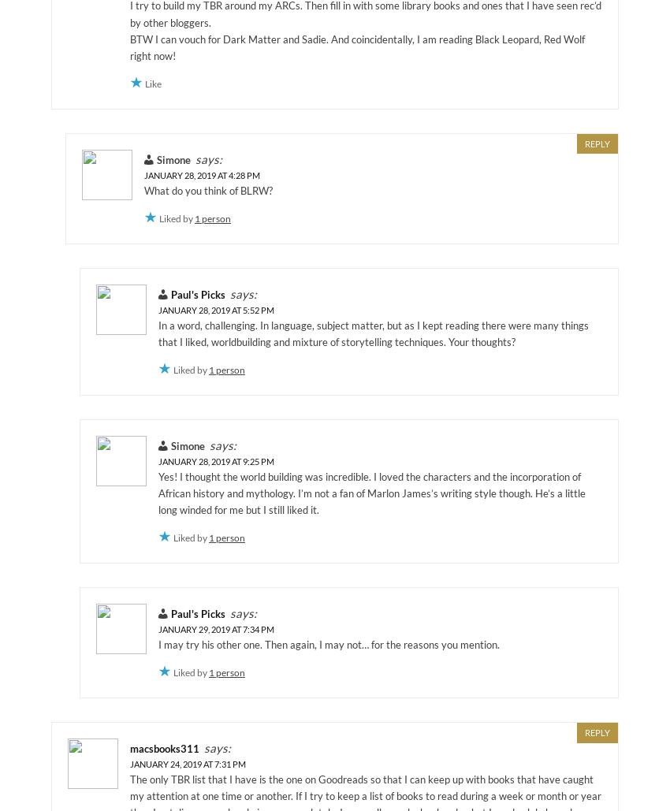  I want to click on 'In a word, challenging. In language, subject matter, but as I kept reading there were many things that I liked, worldbuilding and mixture of storytelling techniques.  Your thoughts?', so click(373, 332).